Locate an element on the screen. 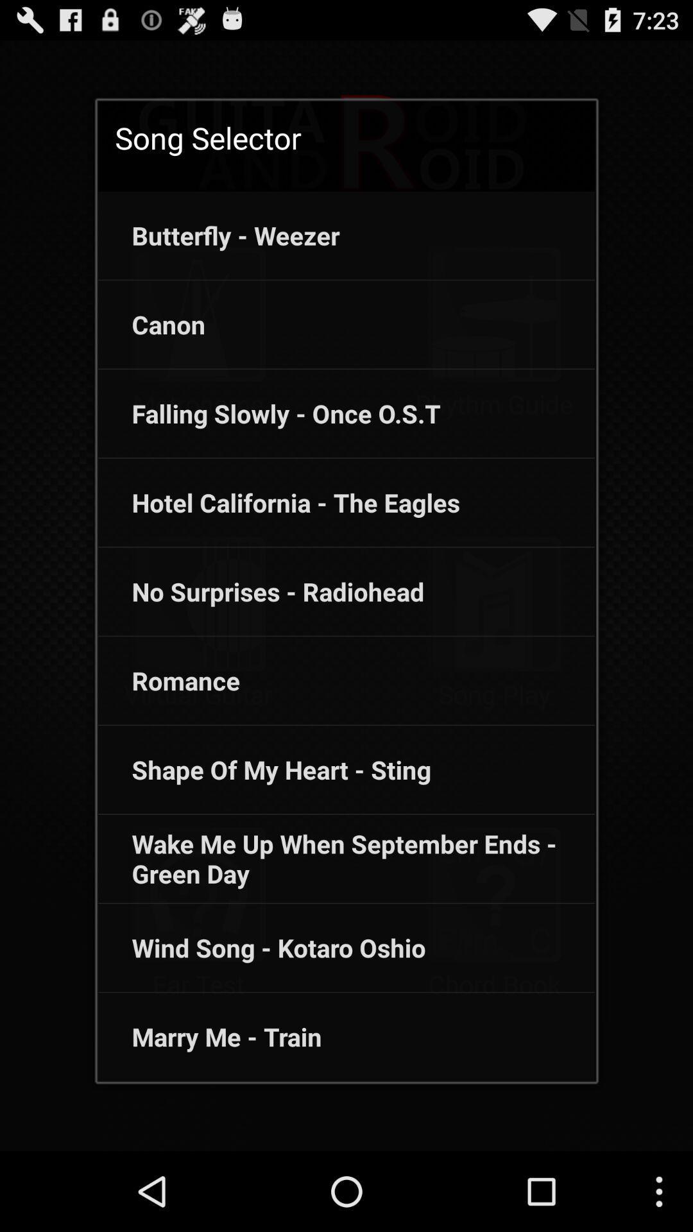 Image resolution: width=693 pixels, height=1232 pixels. the marry me - train is located at coordinates (209, 1036).